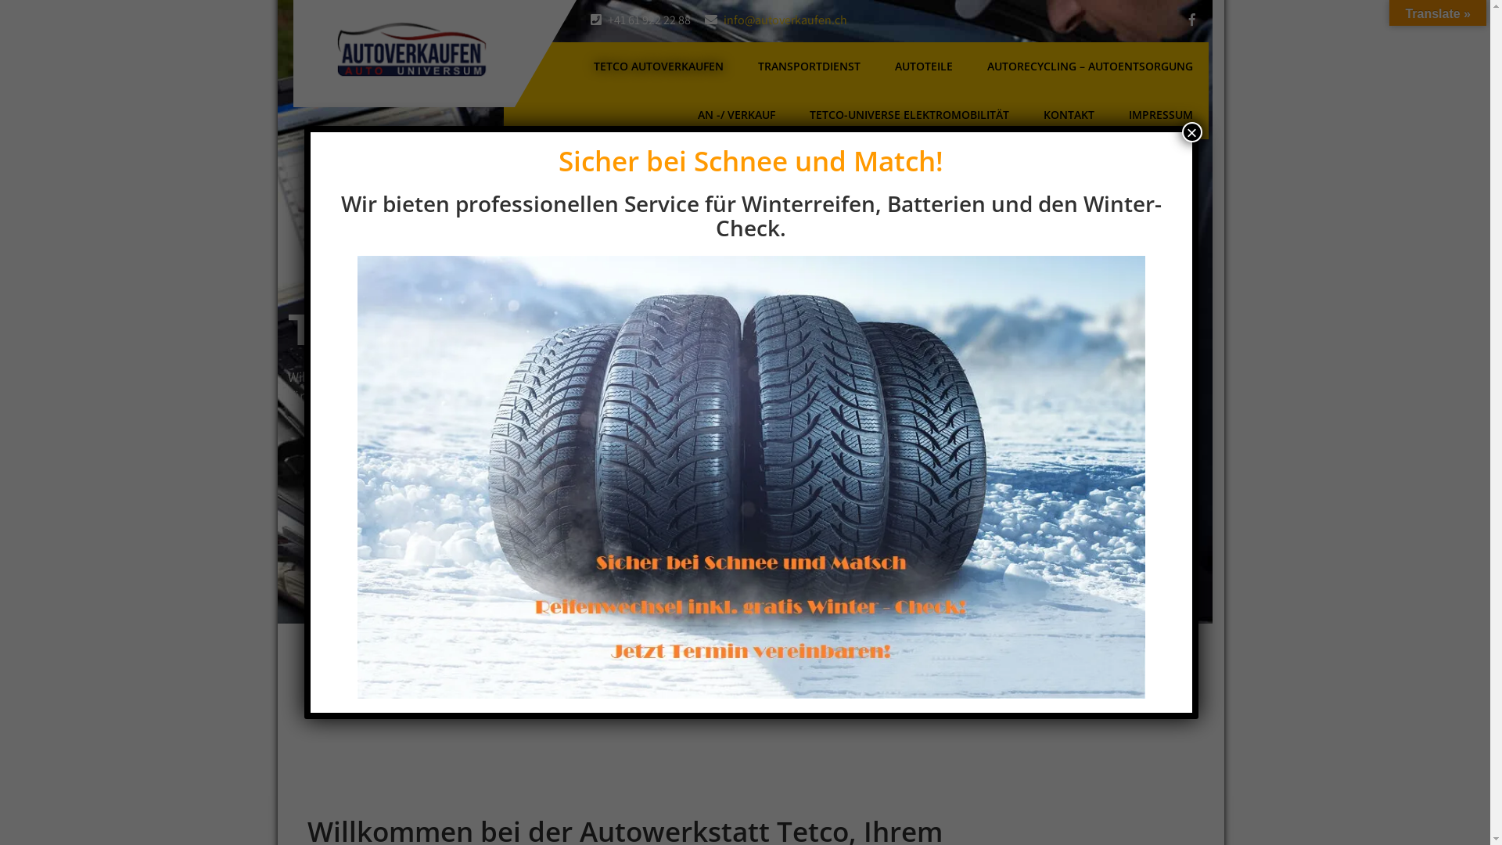  I want to click on 'AUTOTEILE', so click(923, 65).